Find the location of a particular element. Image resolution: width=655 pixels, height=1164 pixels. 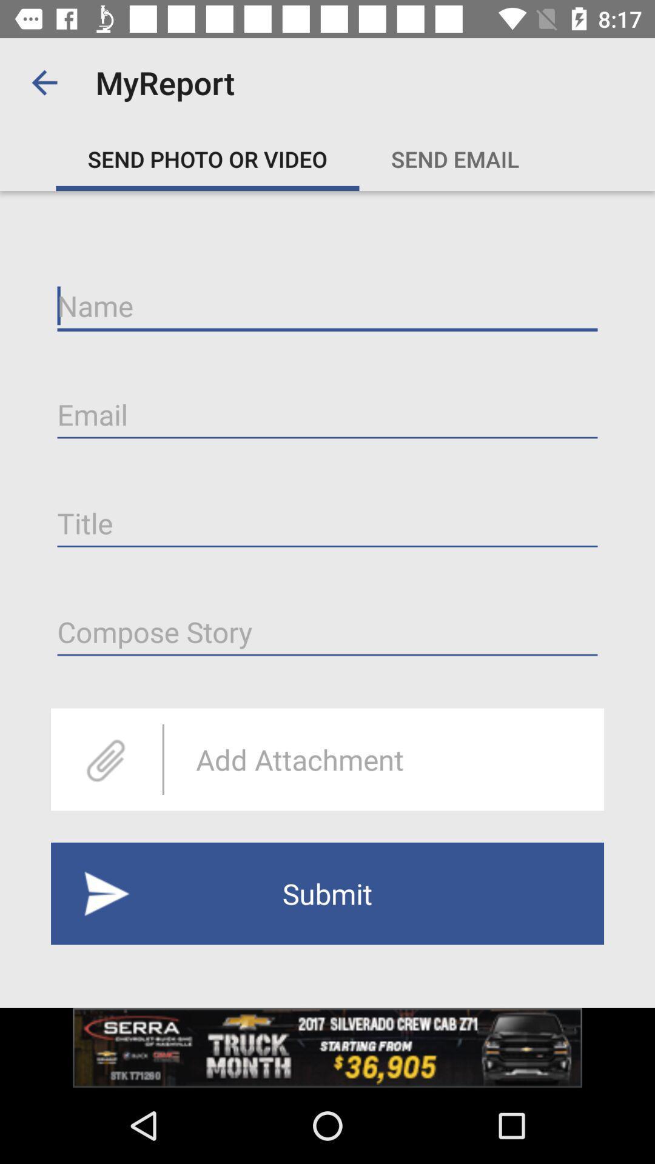

story text is located at coordinates (327, 632).